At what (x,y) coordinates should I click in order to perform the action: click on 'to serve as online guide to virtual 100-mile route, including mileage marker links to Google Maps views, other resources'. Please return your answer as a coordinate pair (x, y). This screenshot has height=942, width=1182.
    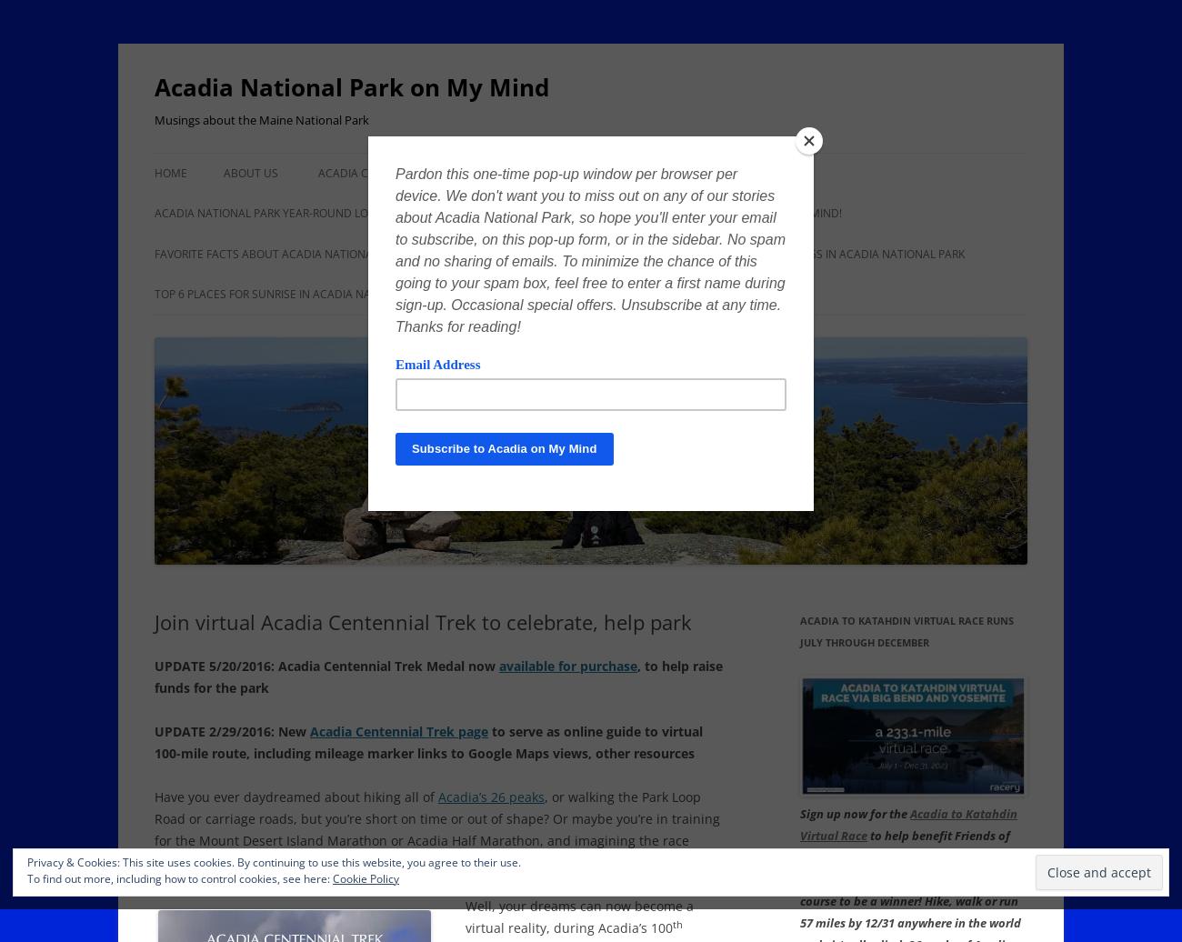
    Looking at the image, I should click on (155, 742).